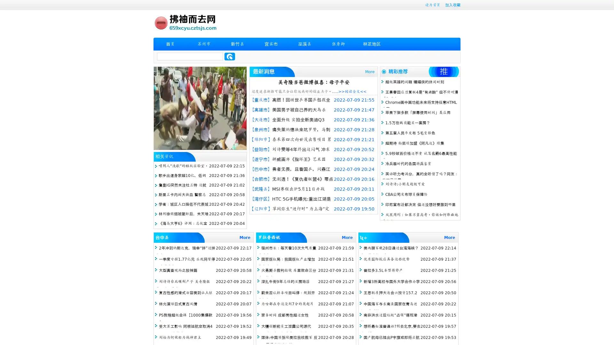  What do you see at coordinates (230, 56) in the screenshot?
I see `Search` at bounding box center [230, 56].